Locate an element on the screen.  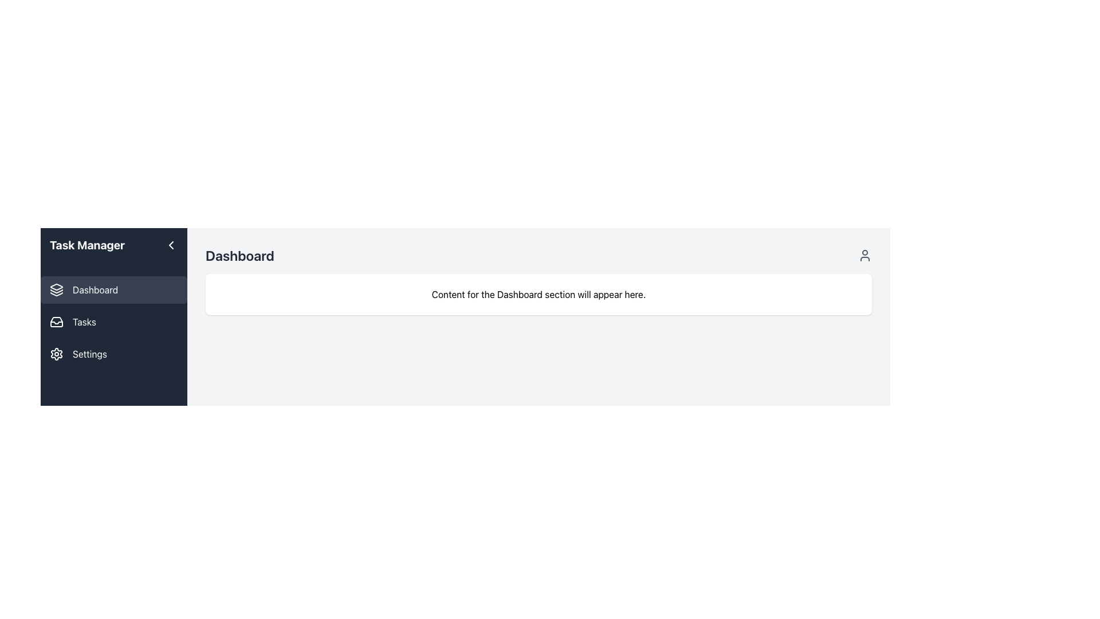
the sidebar navigation item labeled 'Tasks' is located at coordinates (113, 322).